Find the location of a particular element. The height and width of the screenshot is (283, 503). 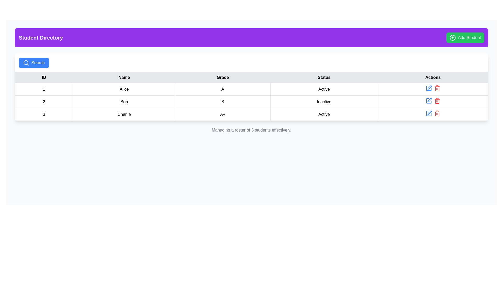

the text label element displaying the name 'Bob' in the second column of the second row of the table is located at coordinates (124, 102).